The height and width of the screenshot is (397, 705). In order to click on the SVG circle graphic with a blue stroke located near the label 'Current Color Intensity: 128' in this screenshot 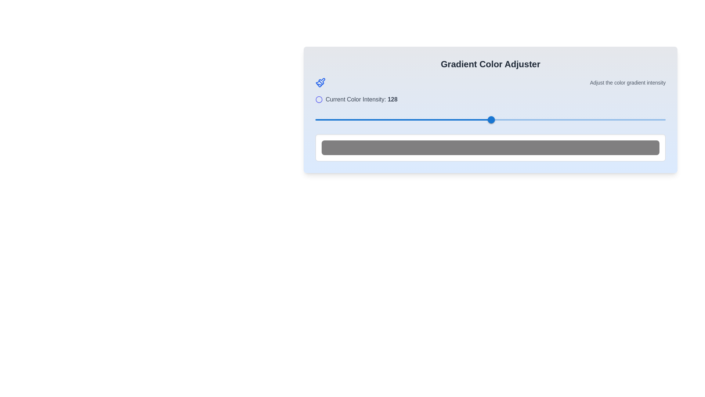, I will do `click(319, 99)`.